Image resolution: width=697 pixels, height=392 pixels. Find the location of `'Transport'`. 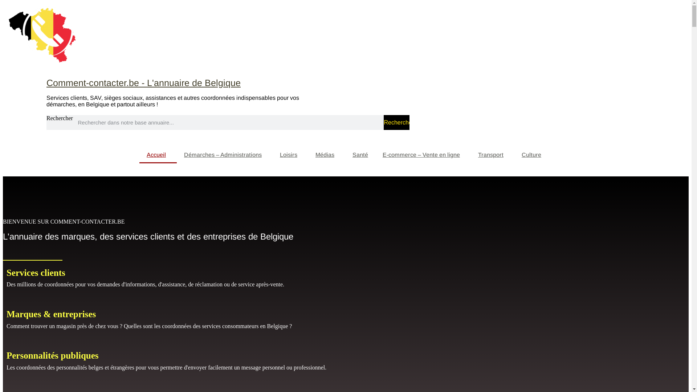

'Transport' is located at coordinates (493, 155).